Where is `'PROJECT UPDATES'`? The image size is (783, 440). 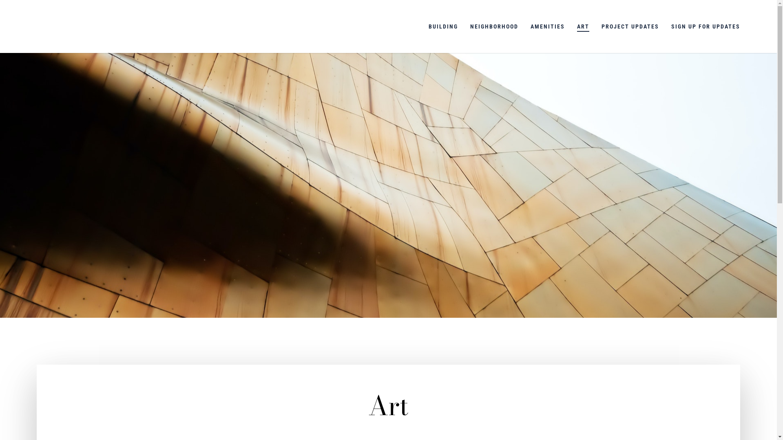 'PROJECT UPDATES' is located at coordinates (630, 26).